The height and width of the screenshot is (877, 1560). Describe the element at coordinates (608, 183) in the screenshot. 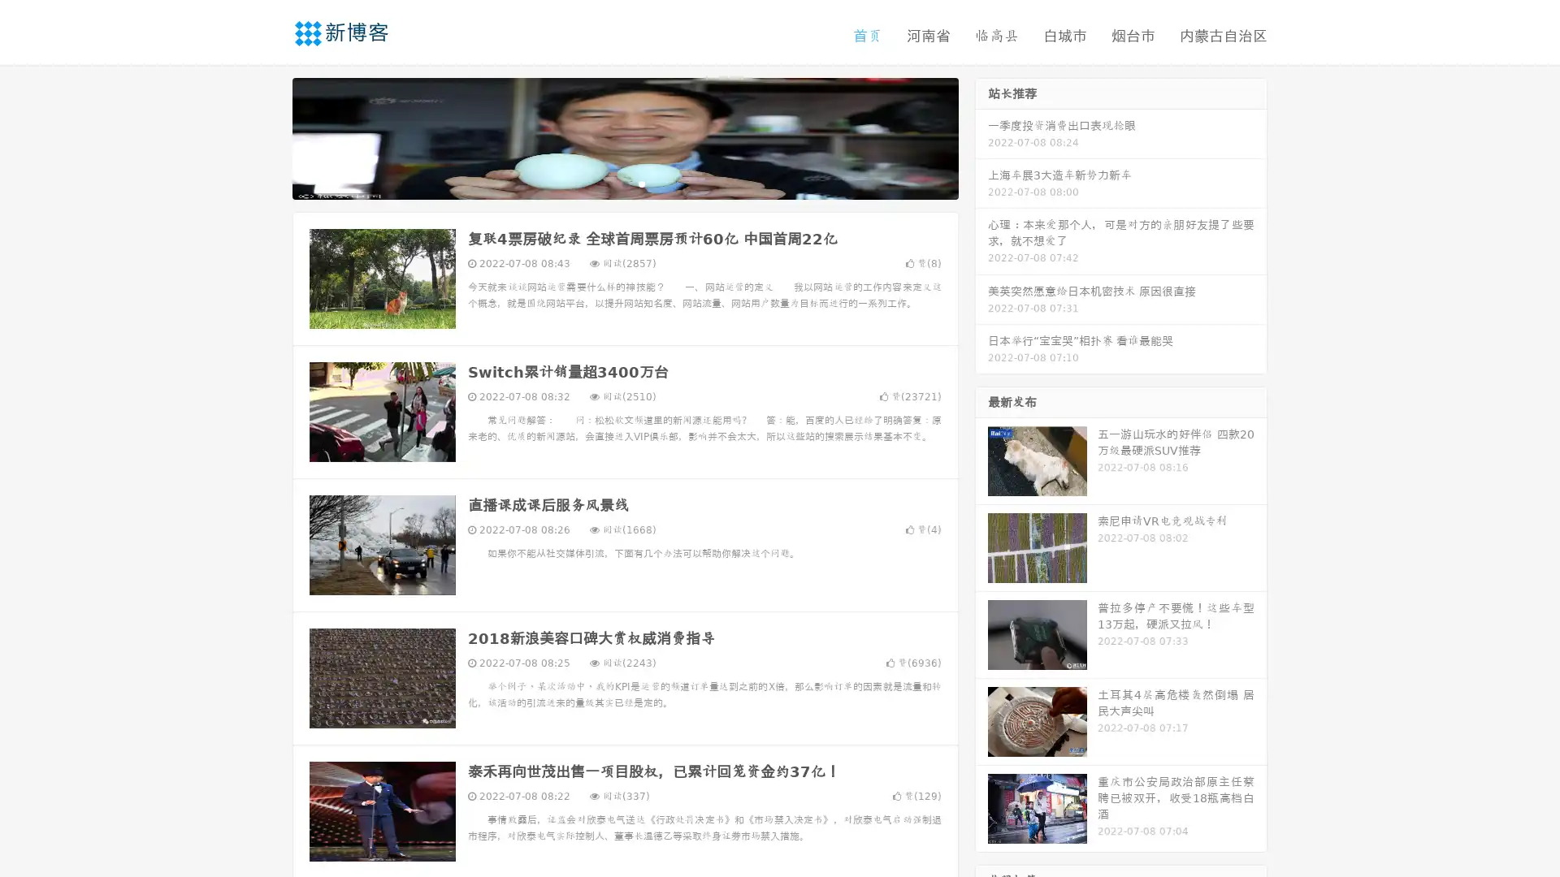

I see `Go to slide 1` at that location.